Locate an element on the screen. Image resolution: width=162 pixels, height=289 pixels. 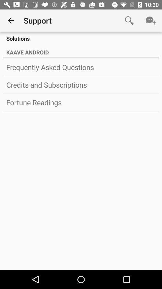
icon to the left of support app is located at coordinates (11, 20).